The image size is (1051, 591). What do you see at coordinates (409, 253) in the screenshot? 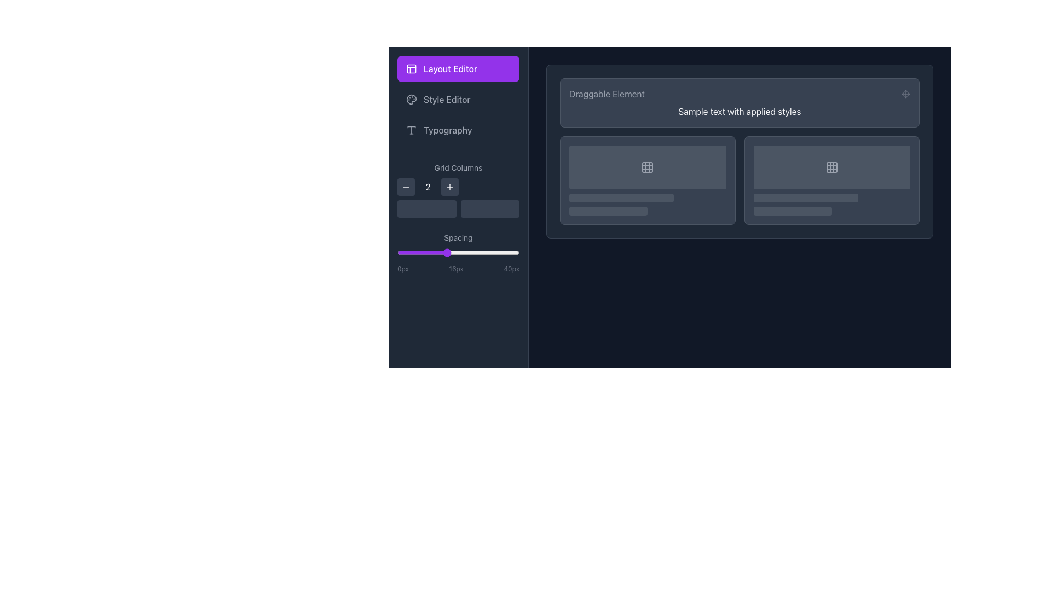
I see `spacing` at bounding box center [409, 253].